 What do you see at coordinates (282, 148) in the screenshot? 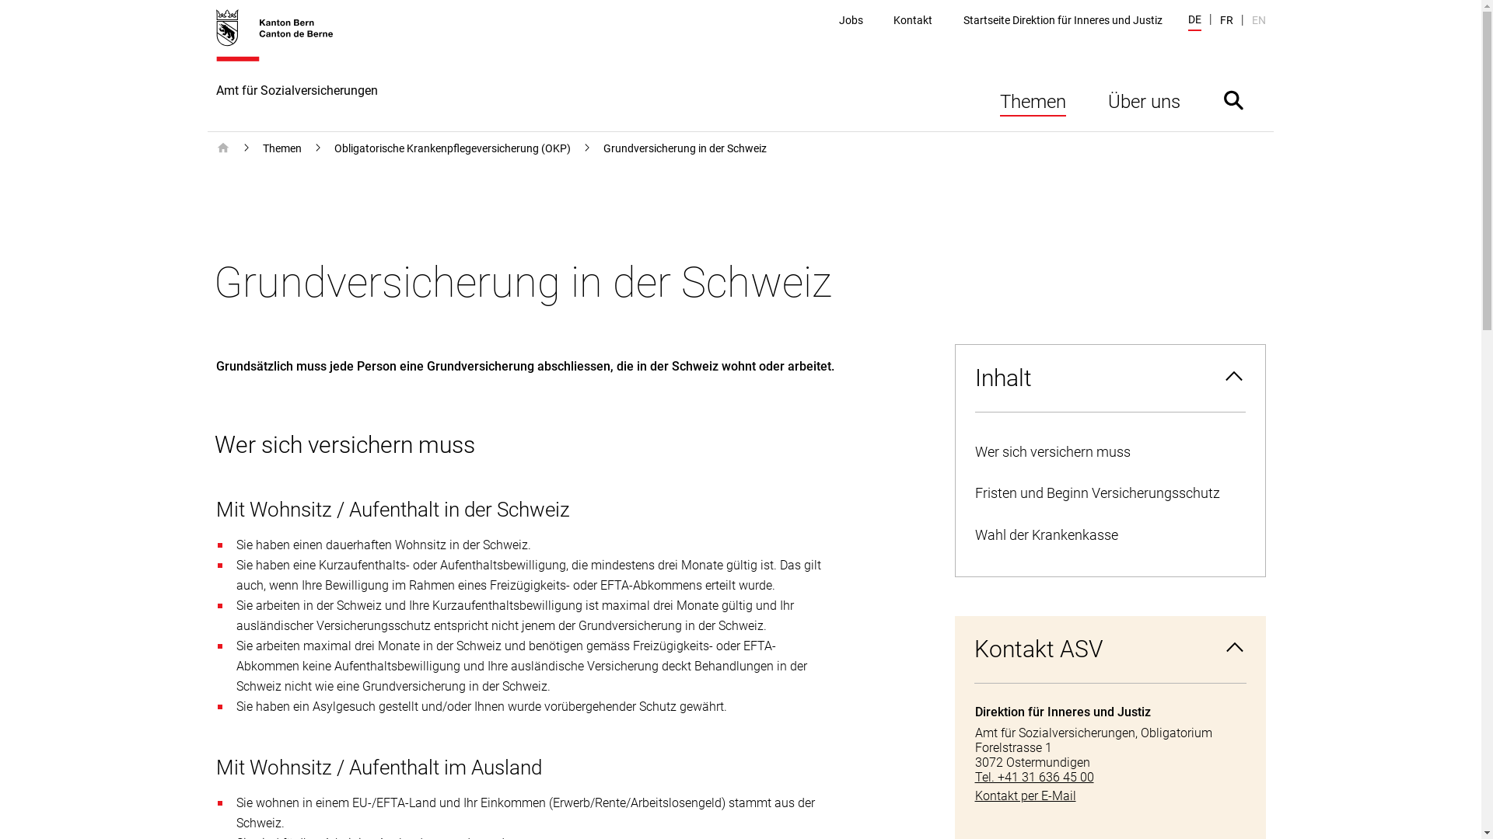
I see `'Themen'` at bounding box center [282, 148].